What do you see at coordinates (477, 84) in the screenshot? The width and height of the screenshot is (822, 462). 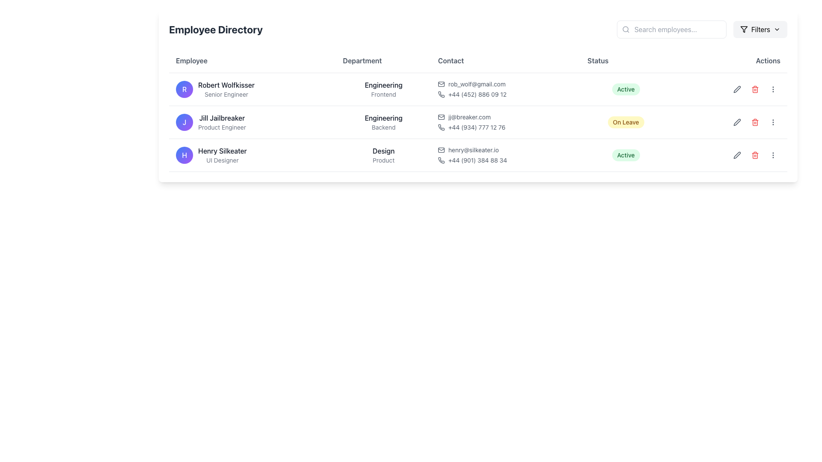 I see `the text label displaying the email address 'rob_wolf@gmail.com' in the contact details section for 'Robert Wolfkisser'` at bounding box center [477, 84].